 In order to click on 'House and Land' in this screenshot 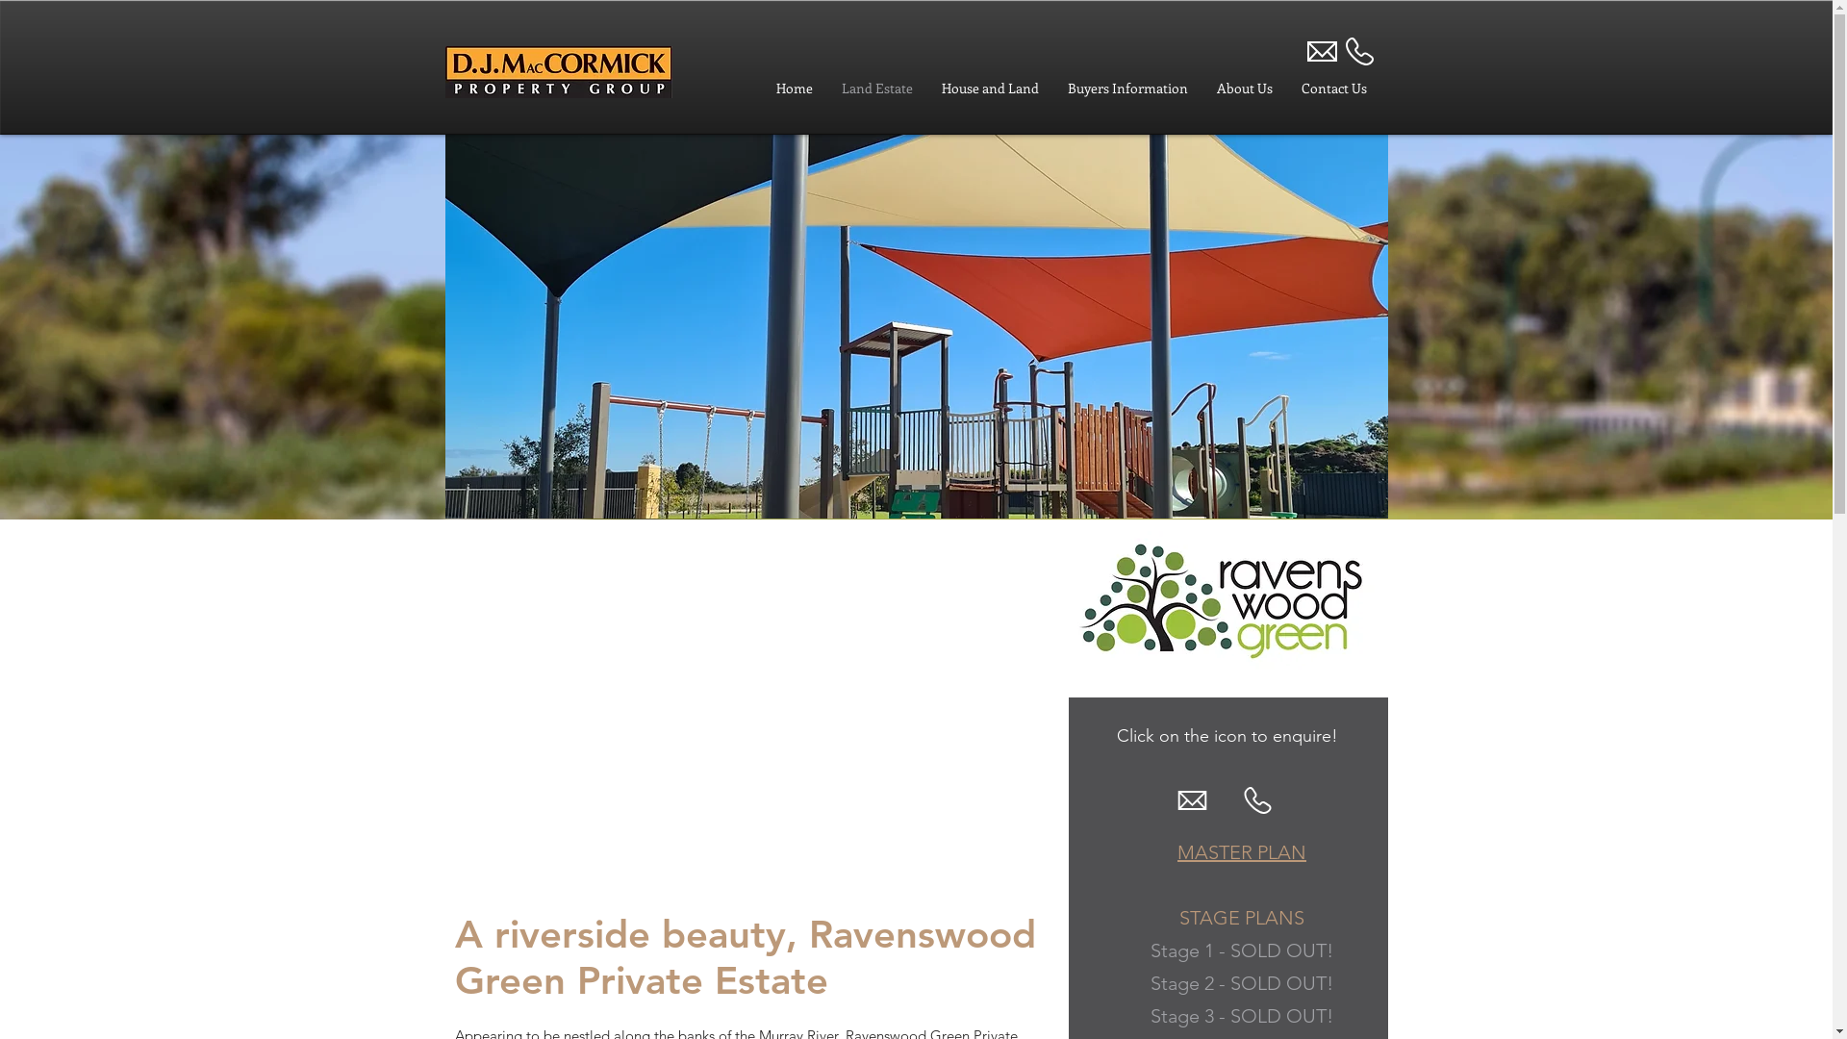, I will do `click(927, 89)`.